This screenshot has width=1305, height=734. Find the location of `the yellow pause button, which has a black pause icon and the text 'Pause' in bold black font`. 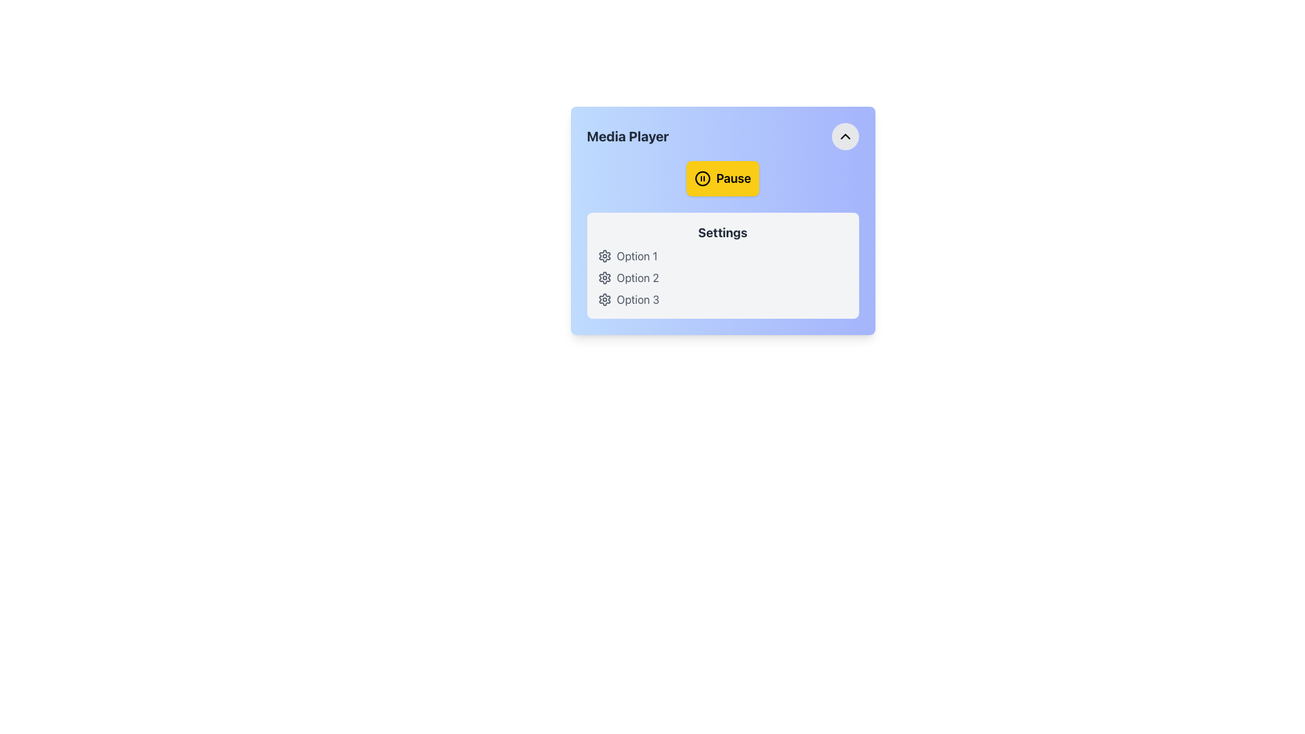

the yellow pause button, which has a black pause icon and the text 'Pause' in bold black font is located at coordinates (722, 177).